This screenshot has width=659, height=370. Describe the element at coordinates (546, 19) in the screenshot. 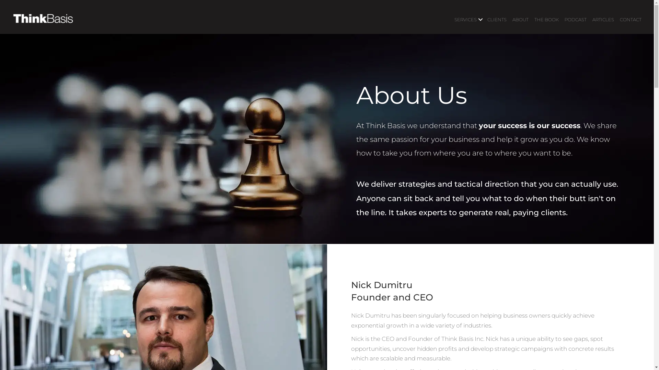

I see `'THE BOOK'` at that location.